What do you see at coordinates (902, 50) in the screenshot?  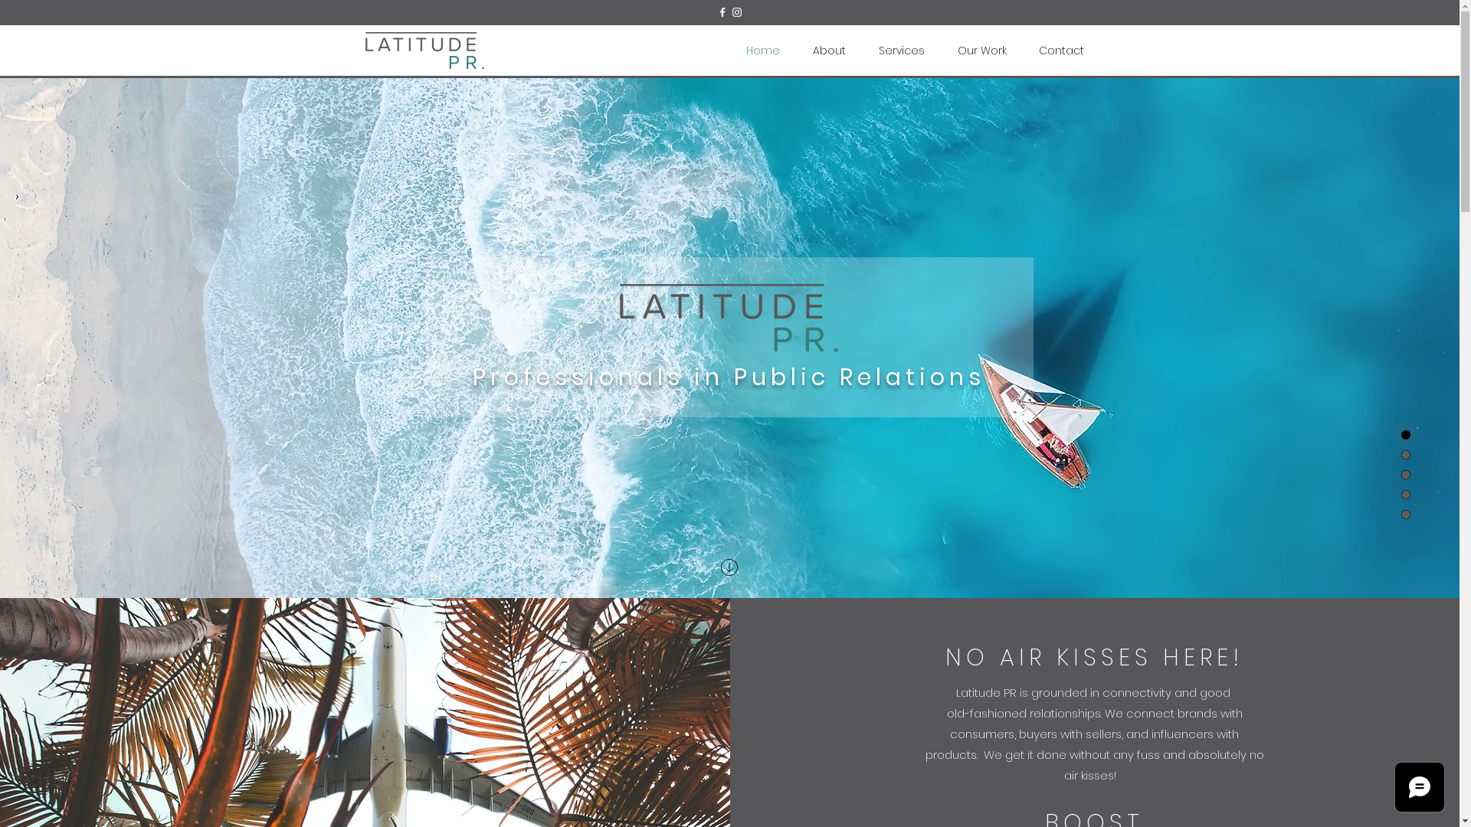 I see `'Services'` at bounding box center [902, 50].